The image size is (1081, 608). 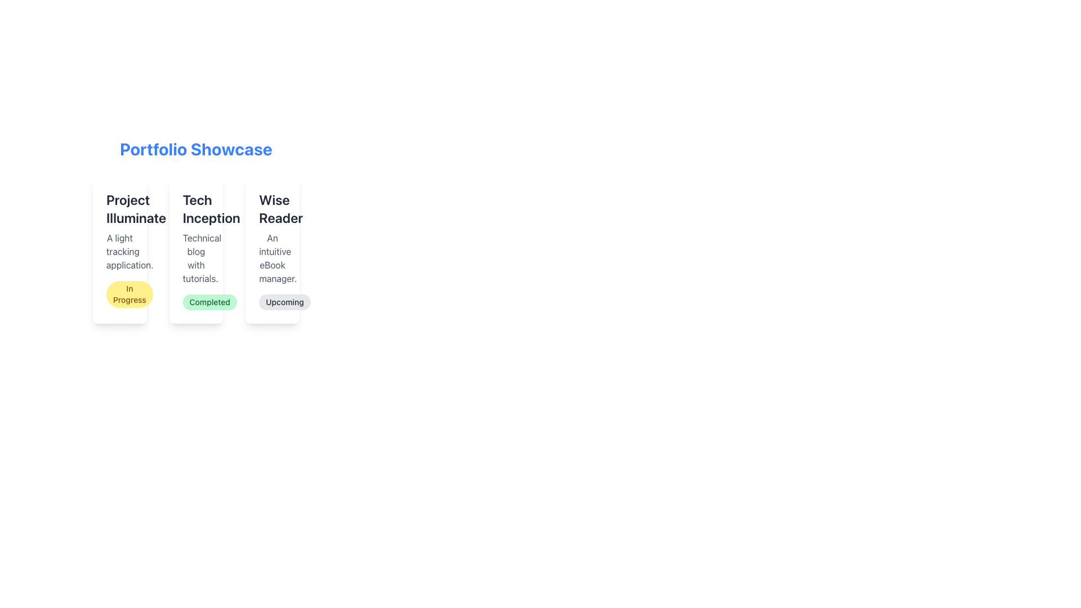 I want to click on the text label displaying 'A light tracking application.' which is styled in gray font and positioned below the 'Project Illuminate' title, so click(x=119, y=251).